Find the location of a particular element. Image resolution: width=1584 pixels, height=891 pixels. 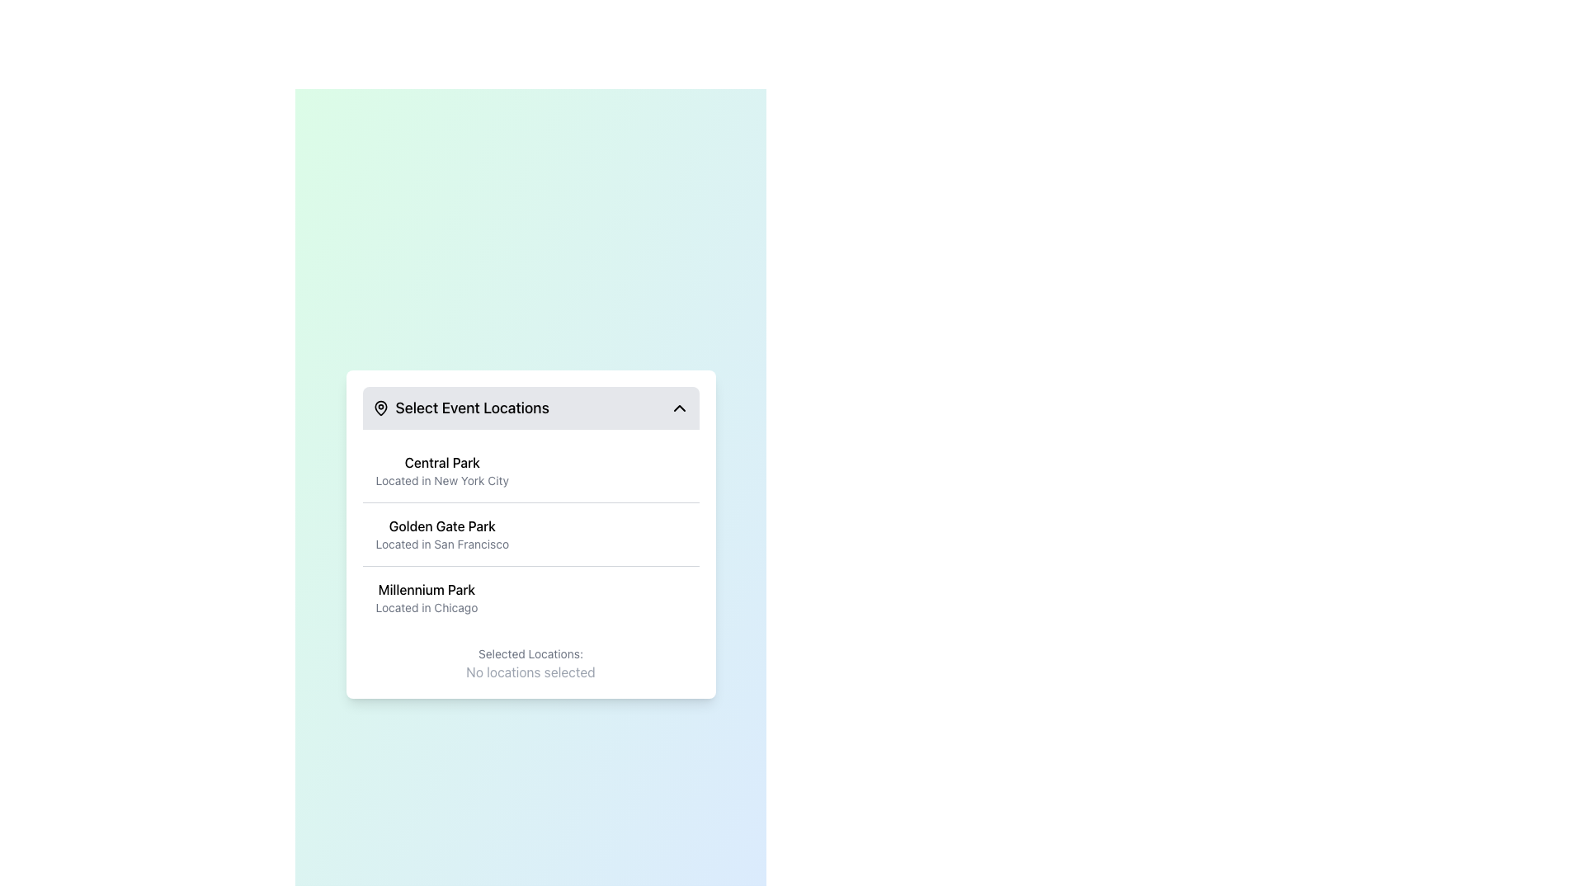

the Text label that serves as the title of the second event location in the list, positioned above 'Located in San Francisco' and below the horizontal line separating it from 'Central Park' is located at coordinates (442, 526).